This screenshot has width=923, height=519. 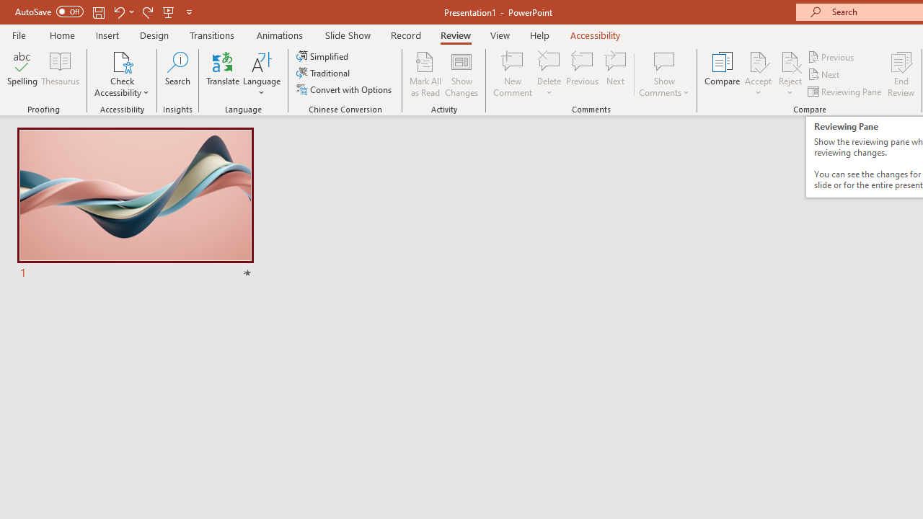 What do you see at coordinates (425, 74) in the screenshot?
I see `'Mark All as Read'` at bounding box center [425, 74].